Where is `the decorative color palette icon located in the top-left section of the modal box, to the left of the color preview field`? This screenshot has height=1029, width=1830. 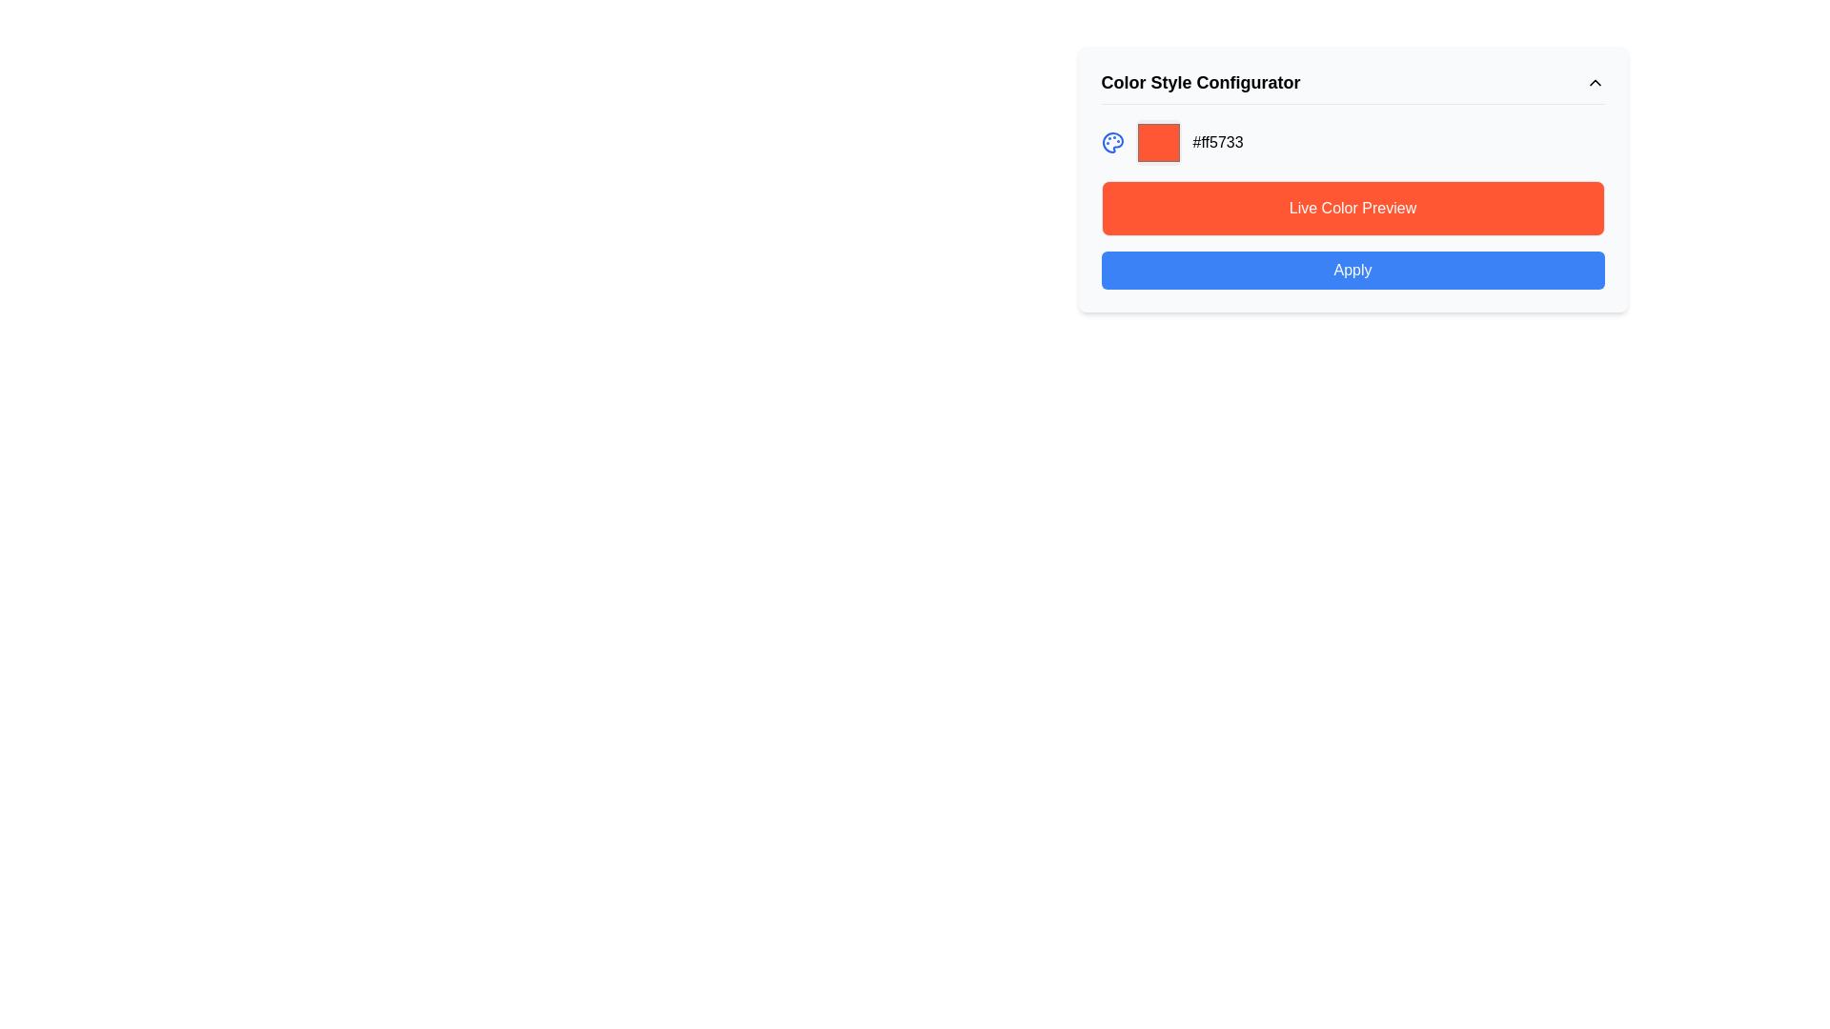
the decorative color palette icon located in the top-left section of the modal box, to the left of the color preview field is located at coordinates (1112, 142).